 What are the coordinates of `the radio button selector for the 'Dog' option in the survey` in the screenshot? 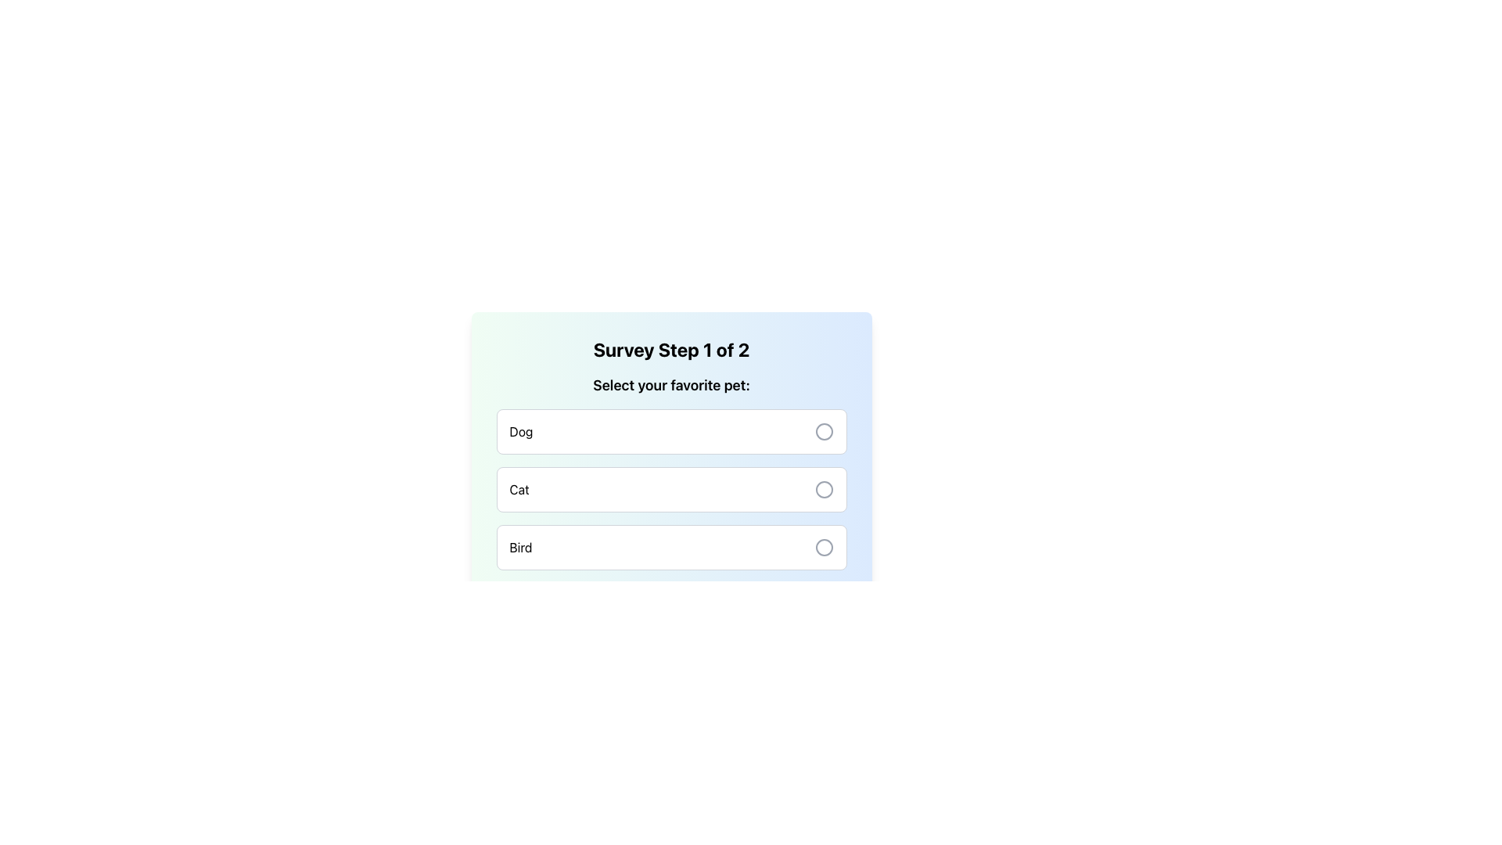 It's located at (823, 431).